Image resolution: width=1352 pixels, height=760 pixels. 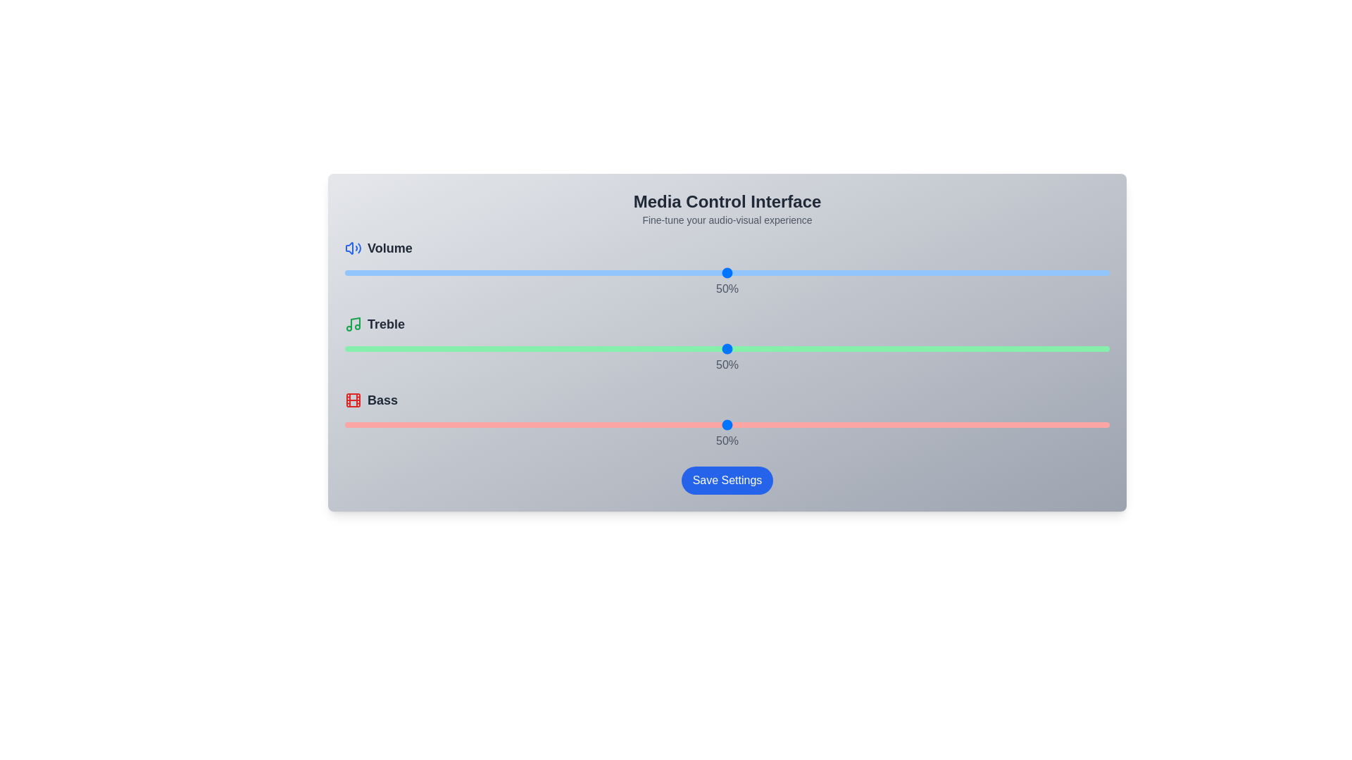 I want to click on the slider value, so click(x=772, y=348).